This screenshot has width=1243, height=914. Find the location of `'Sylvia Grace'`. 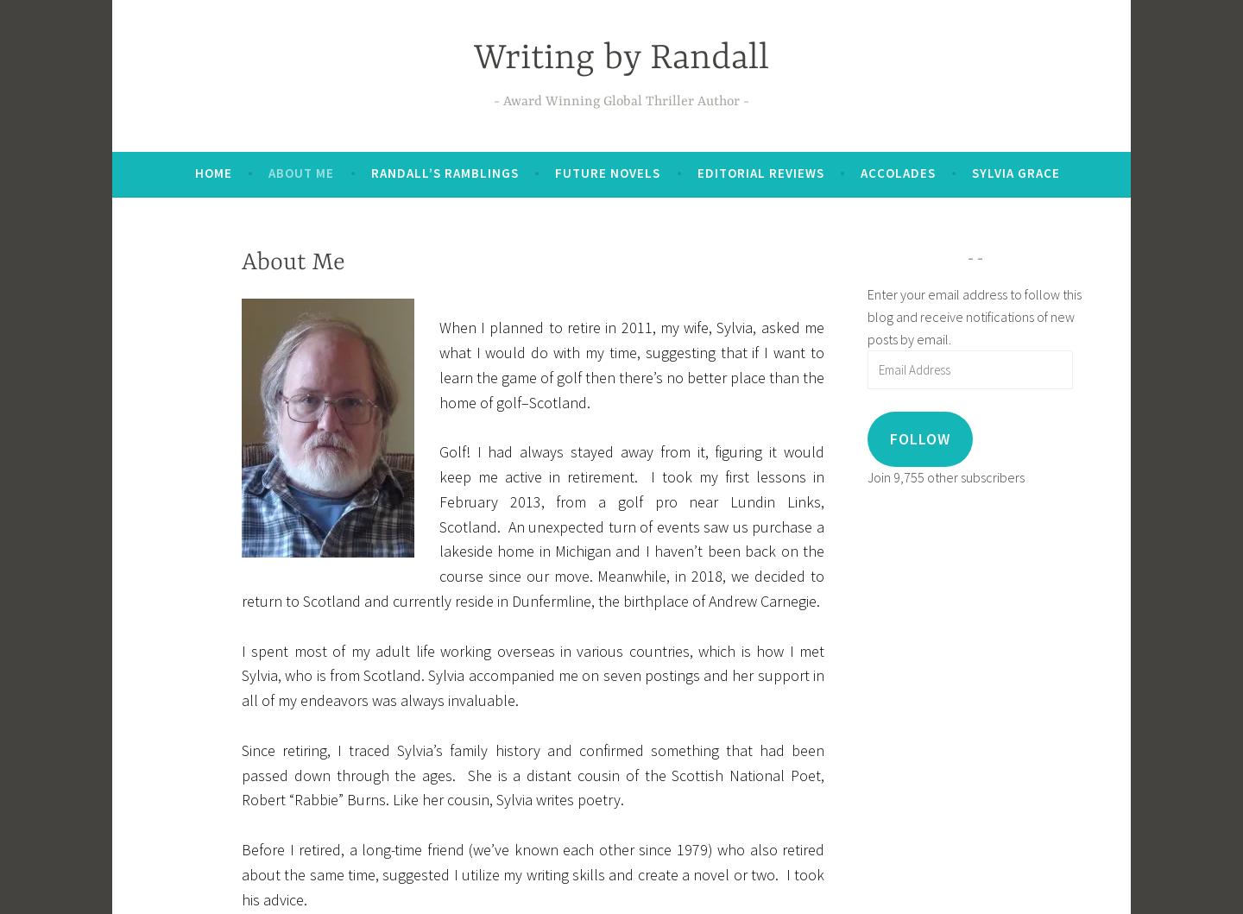

'Sylvia Grace' is located at coordinates (1016, 172).